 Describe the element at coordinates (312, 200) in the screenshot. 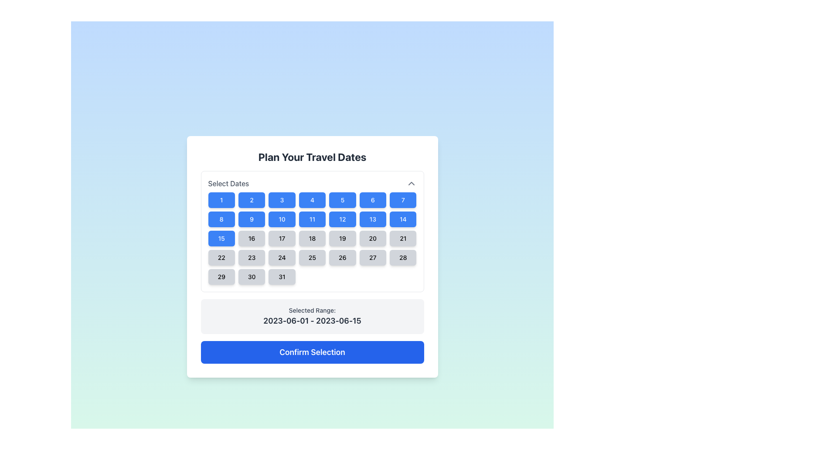

I see `the button for selecting the number '4' in the calendar interface, located in the first row of the grid under 'Plan Your Travel Dates'` at that location.